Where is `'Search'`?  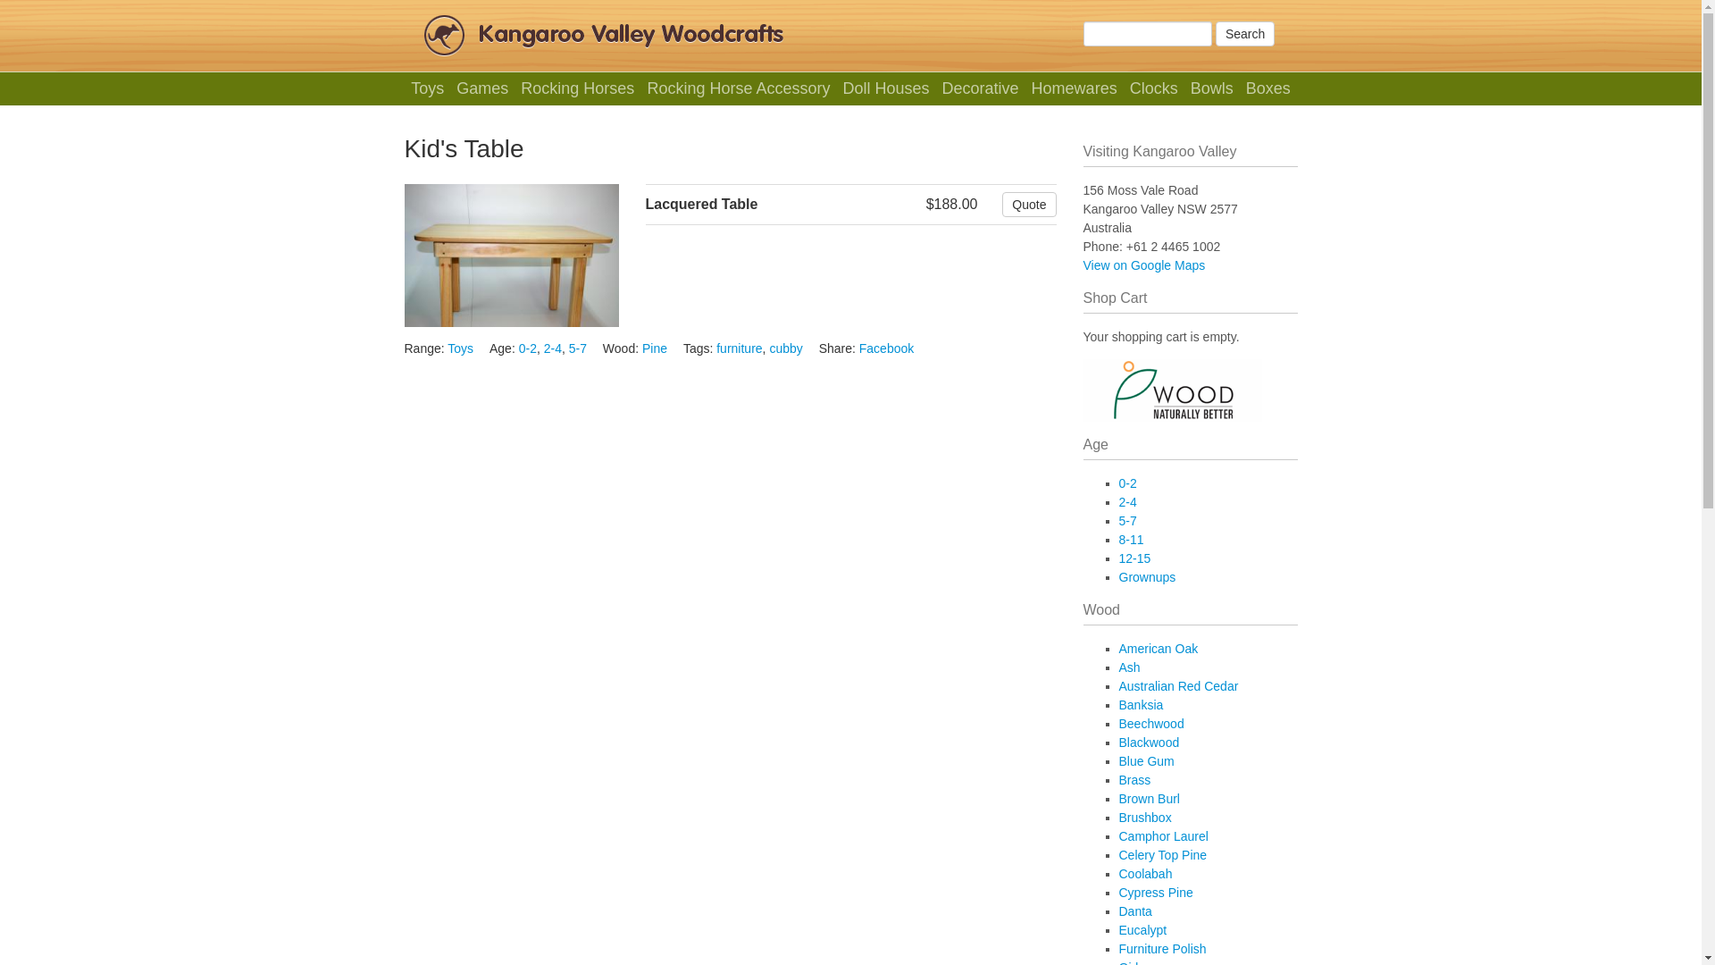
'Search' is located at coordinates (1243, 34).